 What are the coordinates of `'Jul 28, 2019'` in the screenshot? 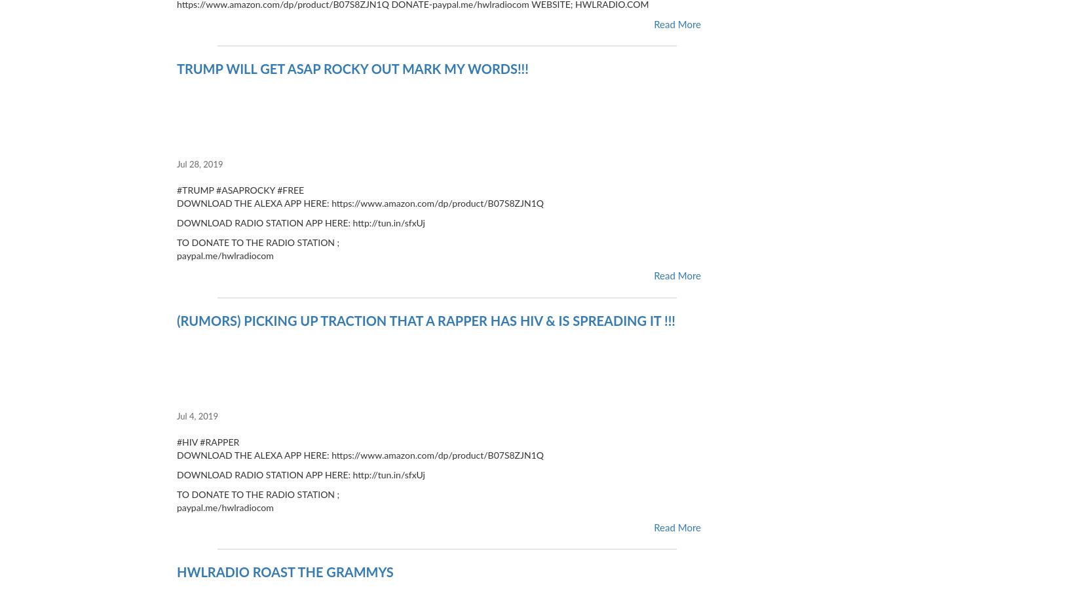 It's located at (199, 165).